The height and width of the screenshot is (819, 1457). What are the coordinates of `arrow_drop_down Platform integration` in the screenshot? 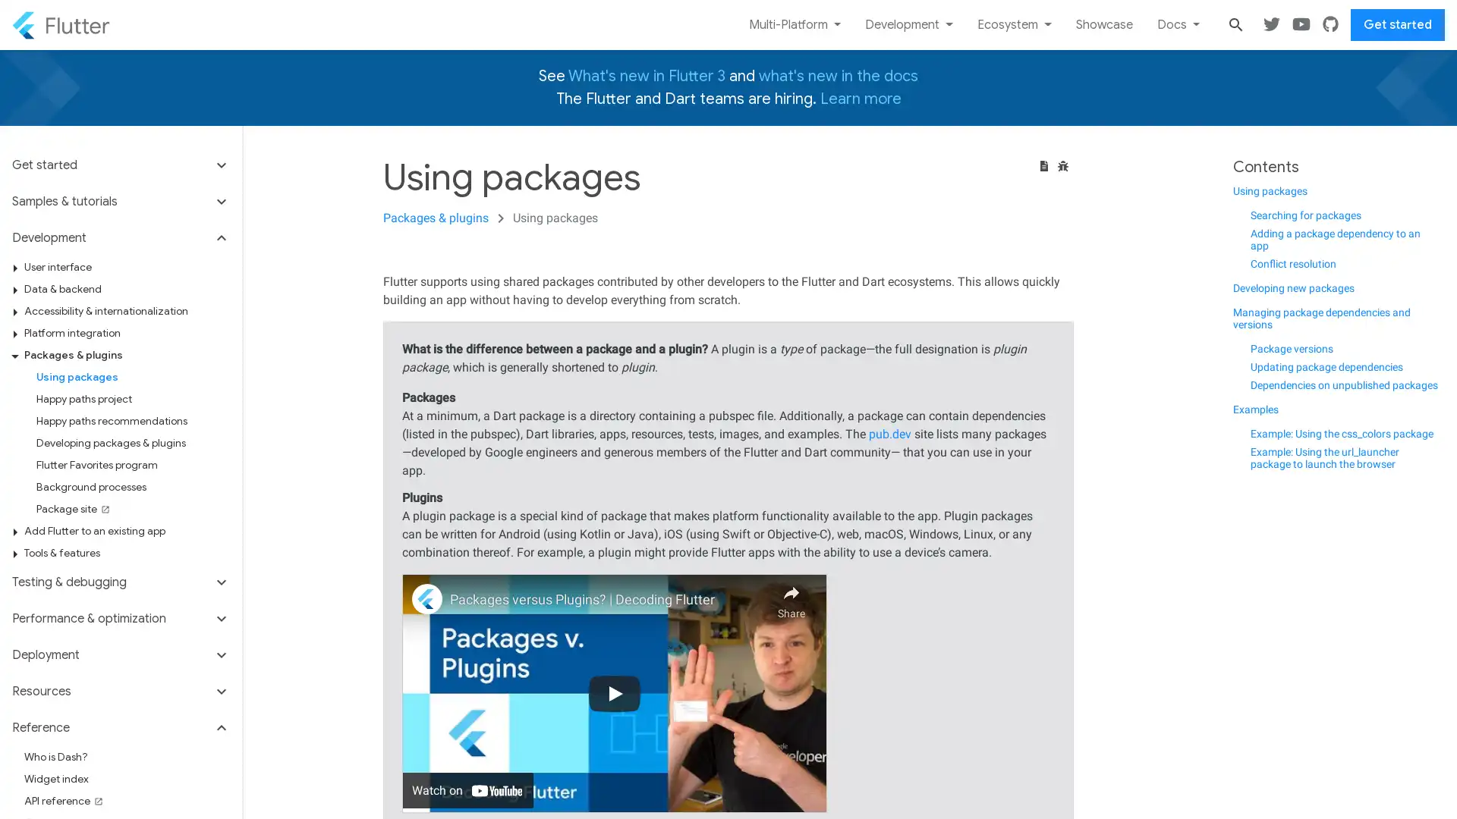 It's located at (127, 332).